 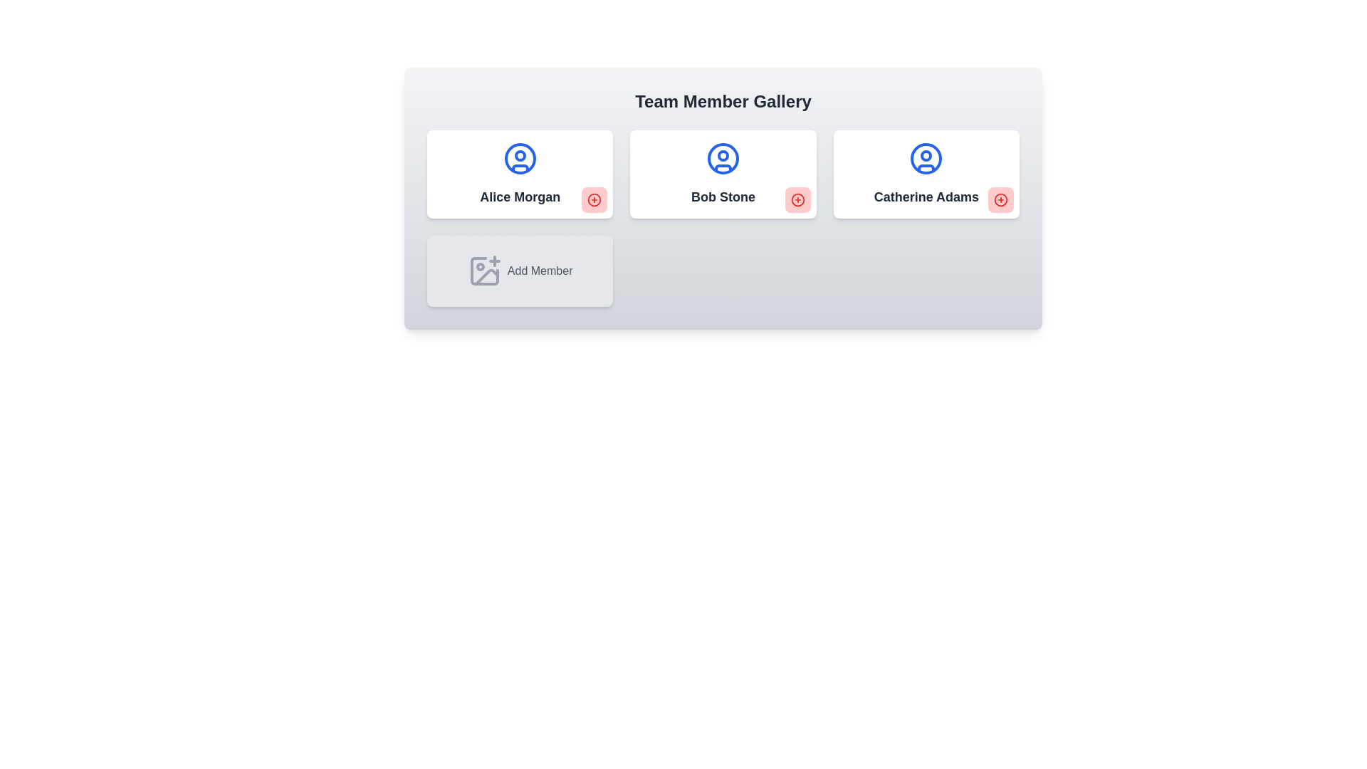 I want to click on the text label displaying 'Team Member Gallery', which is bold and centered at the top of the section, just above the member cards and 'Add Member' button, so click(x=723, y=100).